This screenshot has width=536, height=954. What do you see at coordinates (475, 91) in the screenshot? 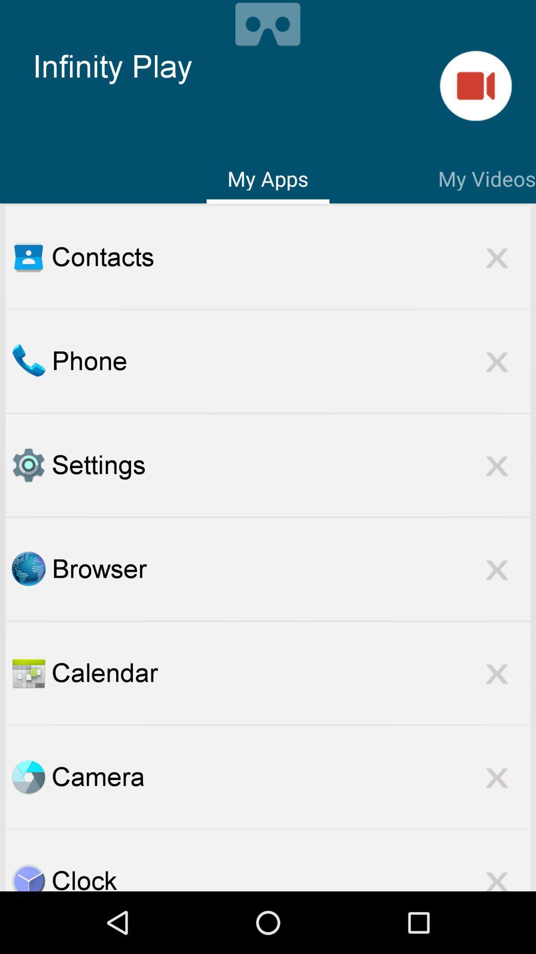
I see `the videocam icon` at bounding box center [475, 91].